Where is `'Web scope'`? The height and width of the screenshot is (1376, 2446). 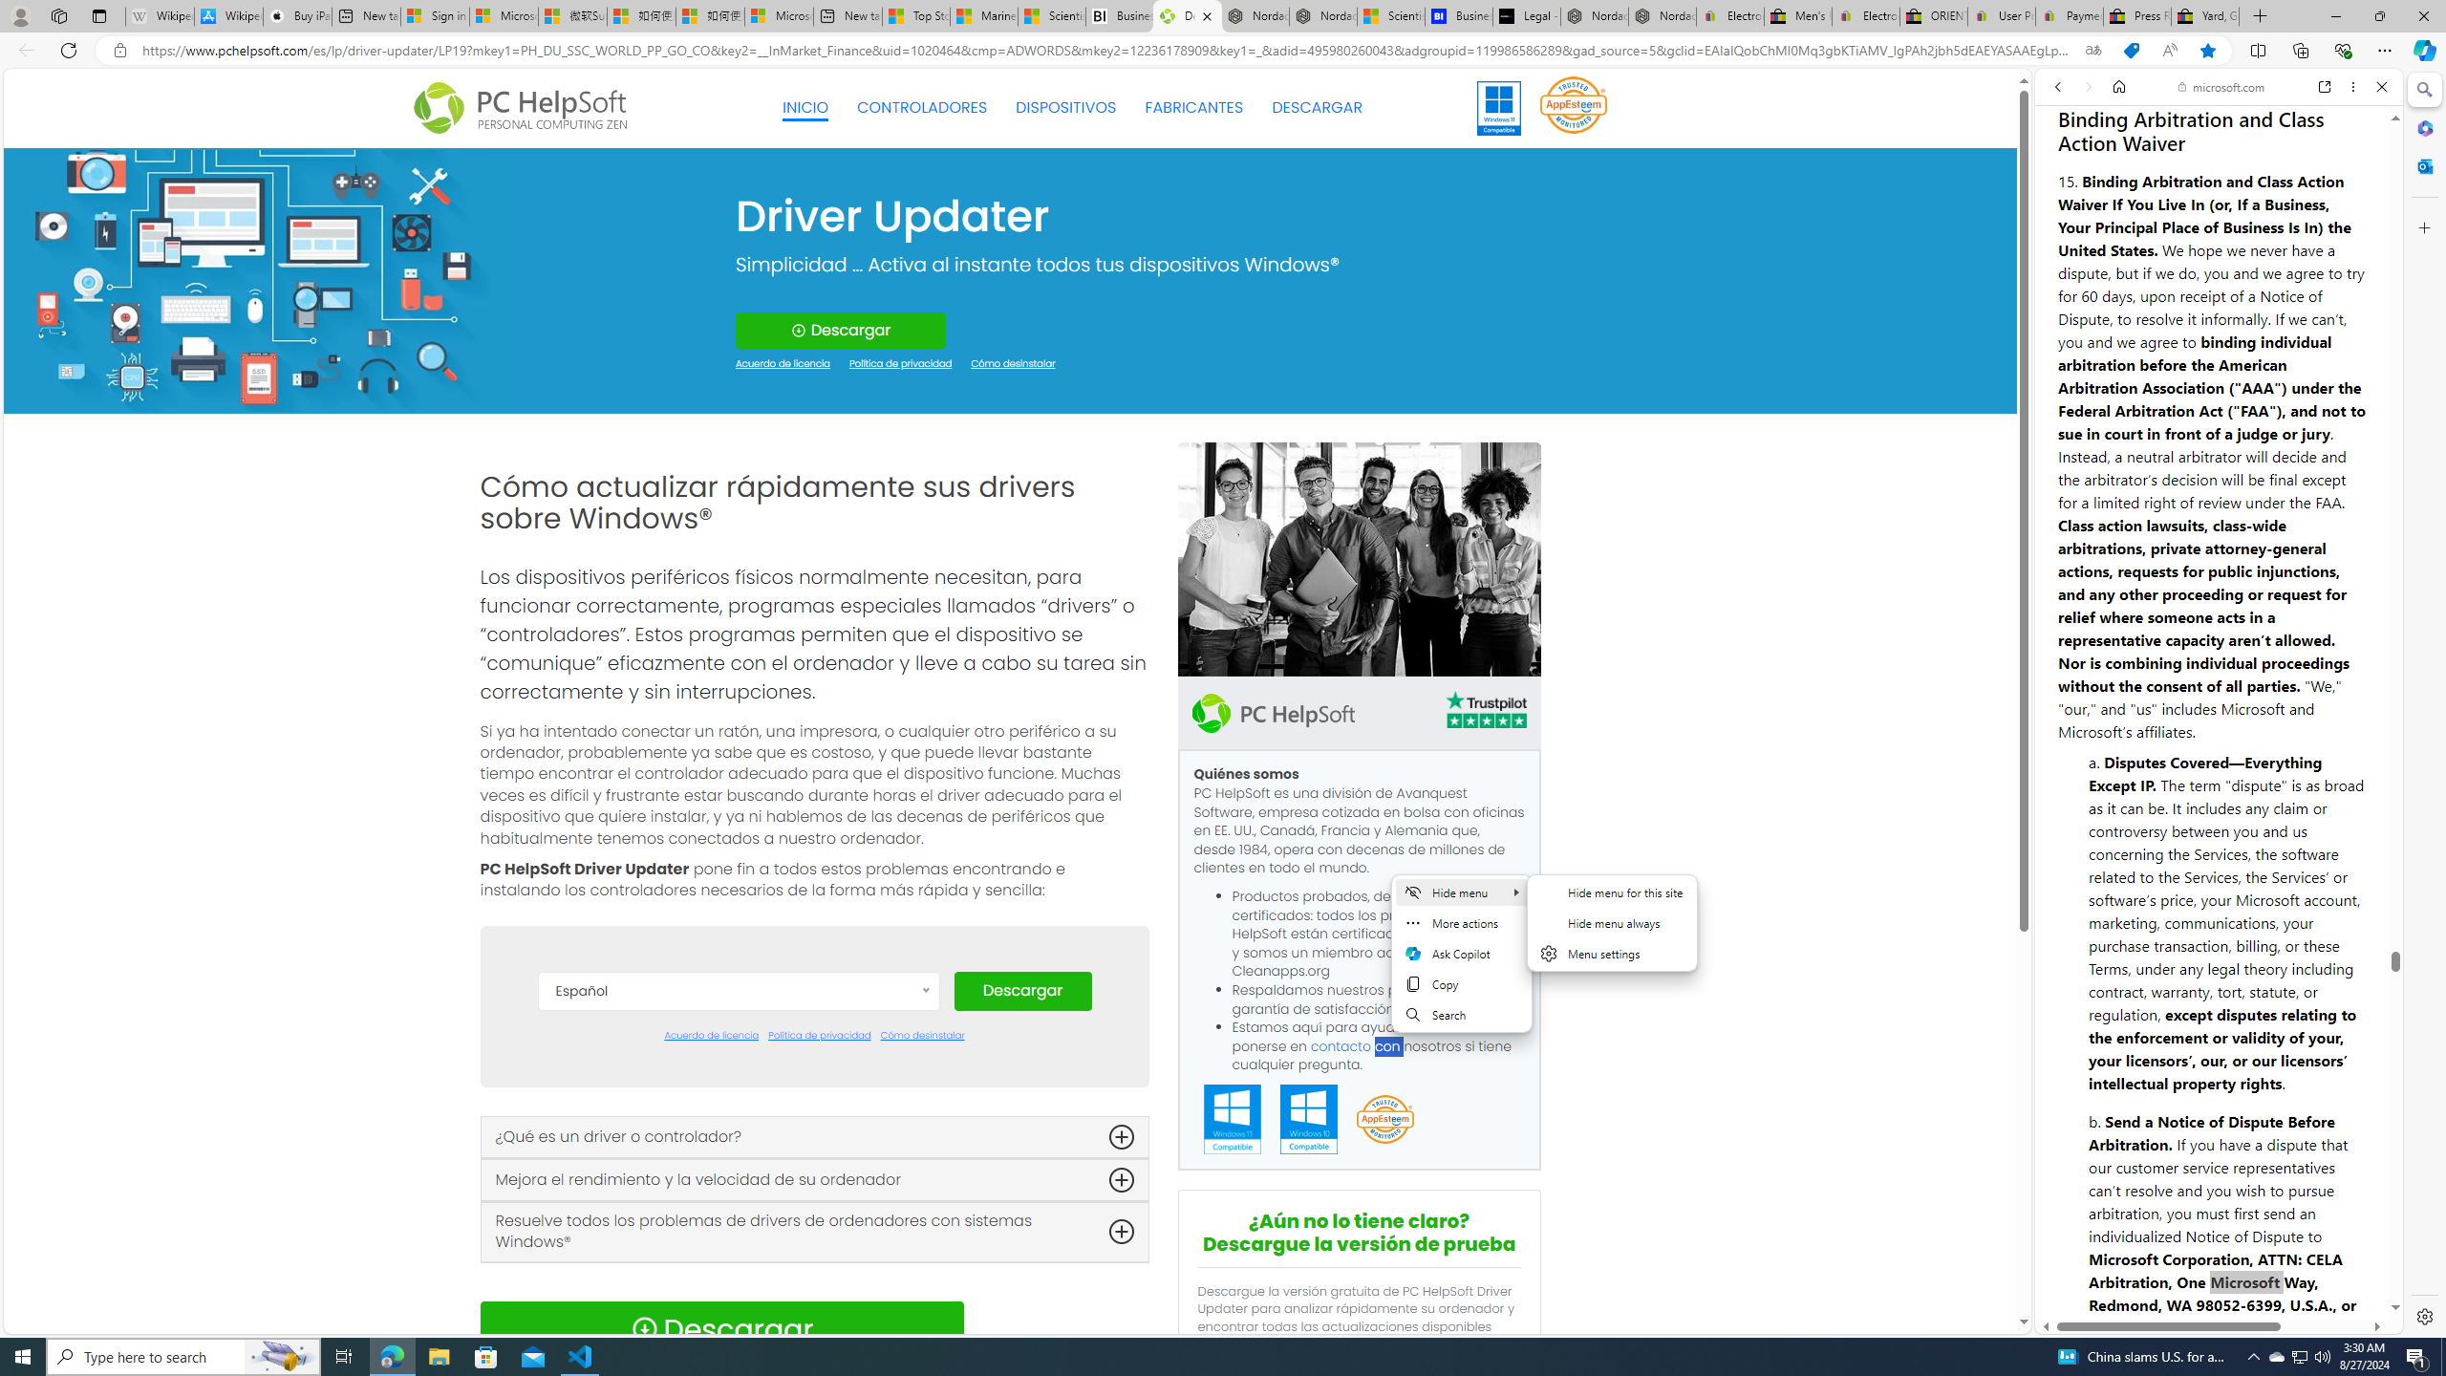
'Web scope' is located at coordinates (2066, 172).